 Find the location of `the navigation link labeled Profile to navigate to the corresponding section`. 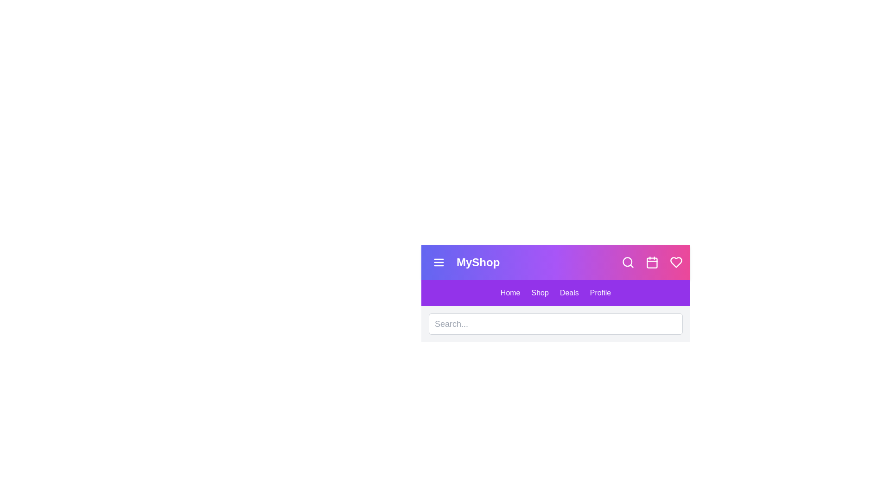

the navigation link labeled Profile to navigate to the corresponding section is located at coordinates (600, 293).